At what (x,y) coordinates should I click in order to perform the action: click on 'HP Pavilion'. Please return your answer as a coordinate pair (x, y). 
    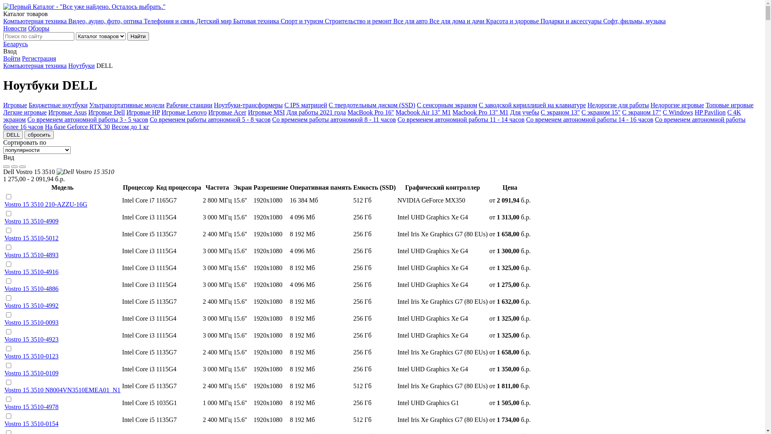
    Looking at the image, I should click on (710, 112).